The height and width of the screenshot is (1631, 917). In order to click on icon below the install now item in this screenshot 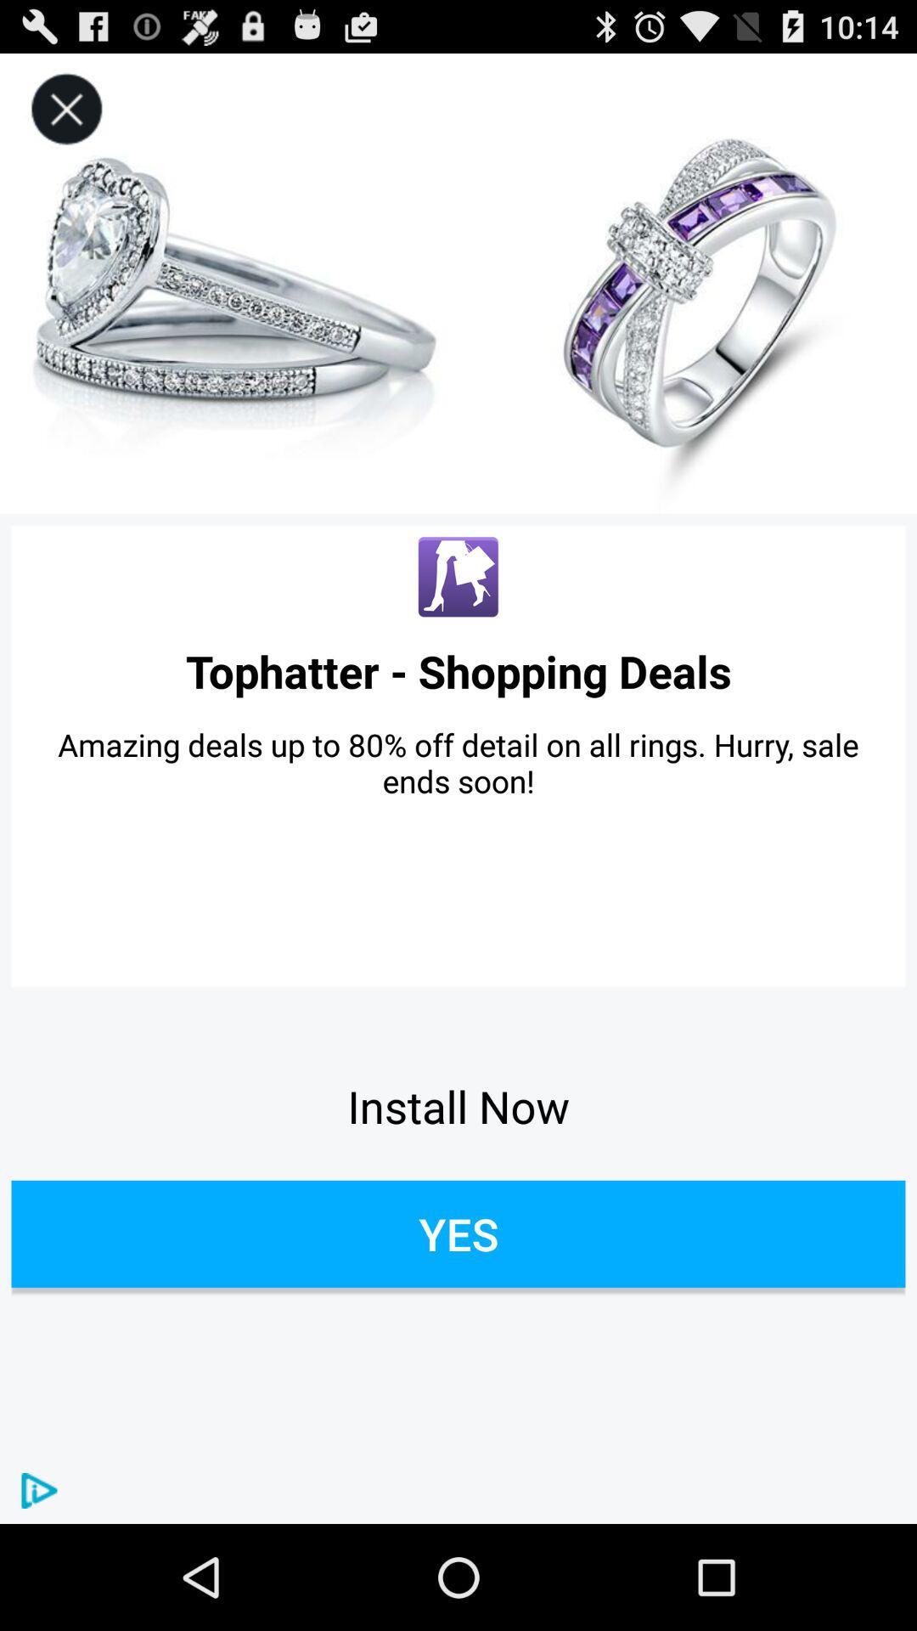, I will do `click(458, 1233)`.